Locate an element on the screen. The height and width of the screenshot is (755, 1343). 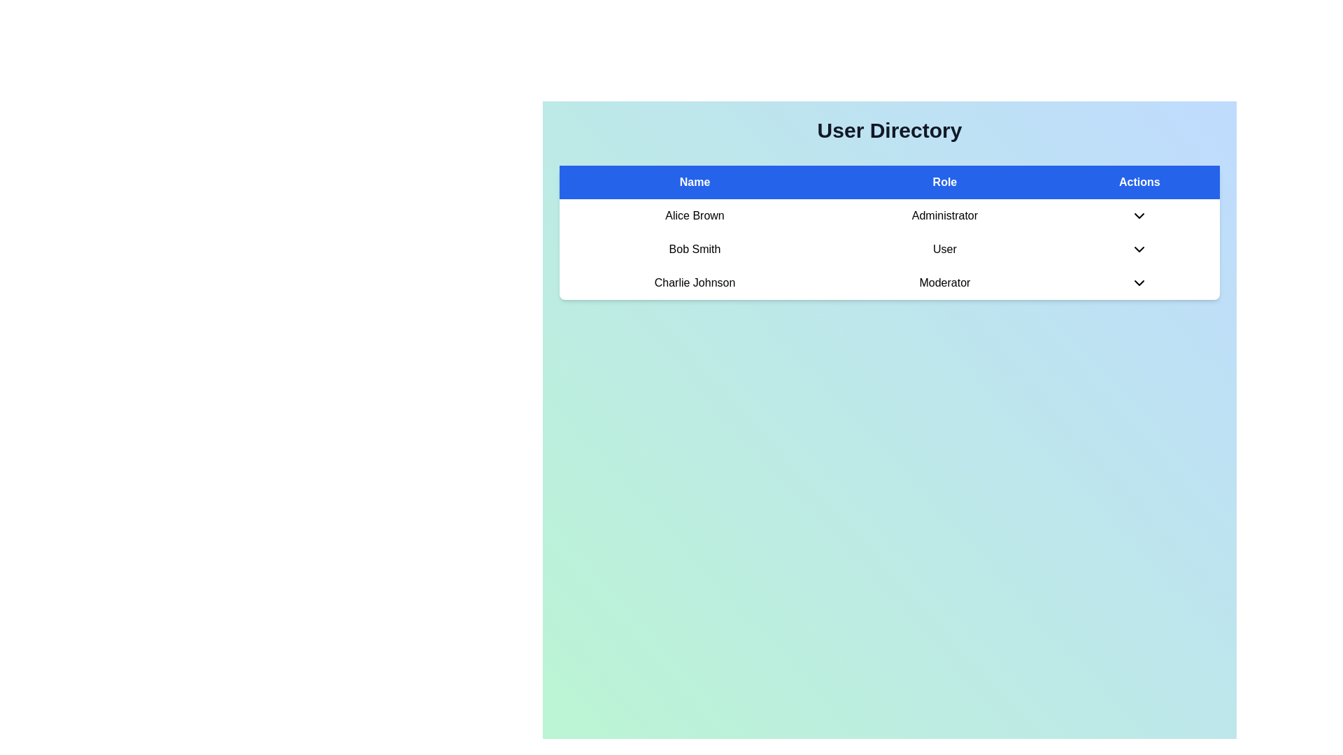
the Text Label that serves as a header for the user data table, positioned to the left of 'Role' and 'Actions' is located at coordinates (695, 182).